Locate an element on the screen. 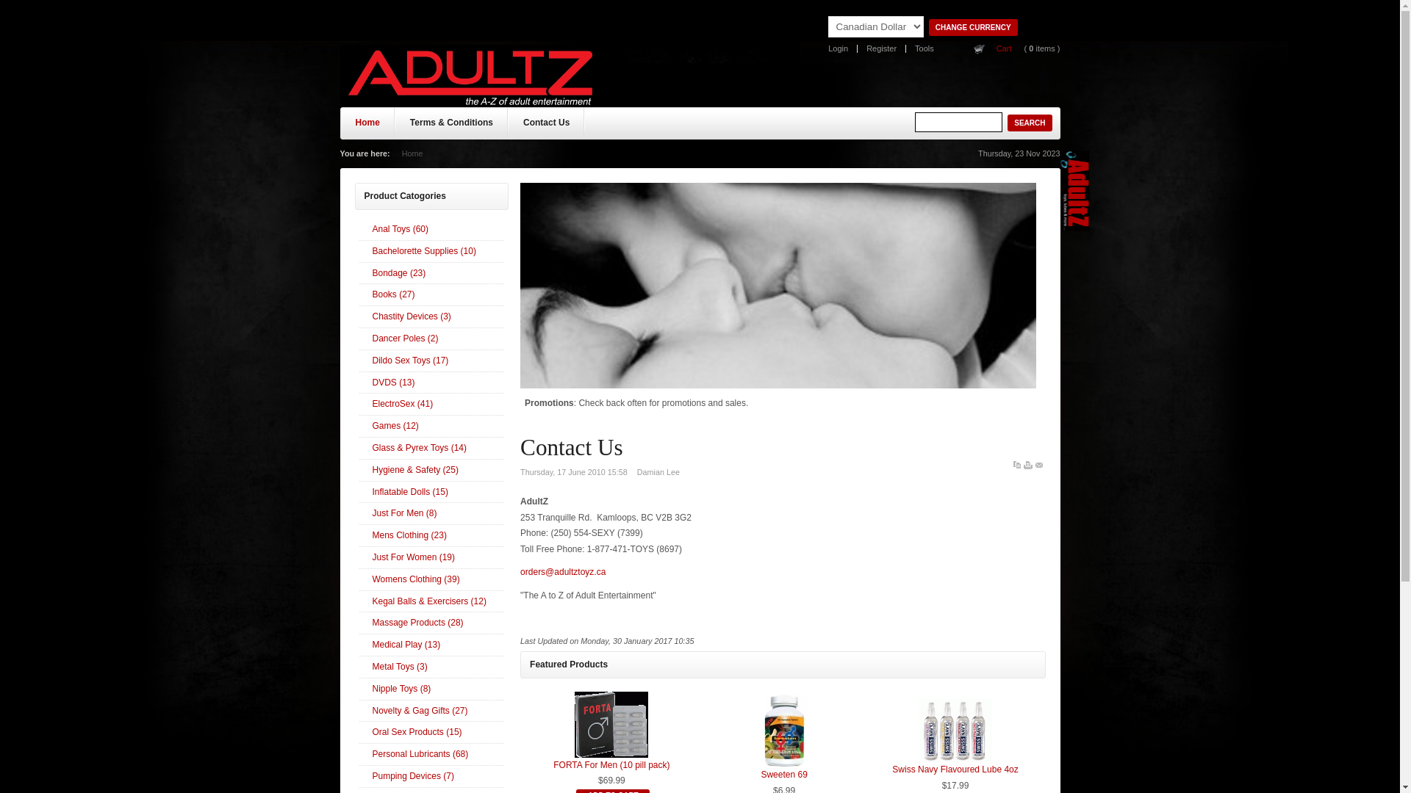 The width and height of the screenshot is (1411, 793). 'Bachelorette Supplies (10)' is located at coordinates (430, 251).